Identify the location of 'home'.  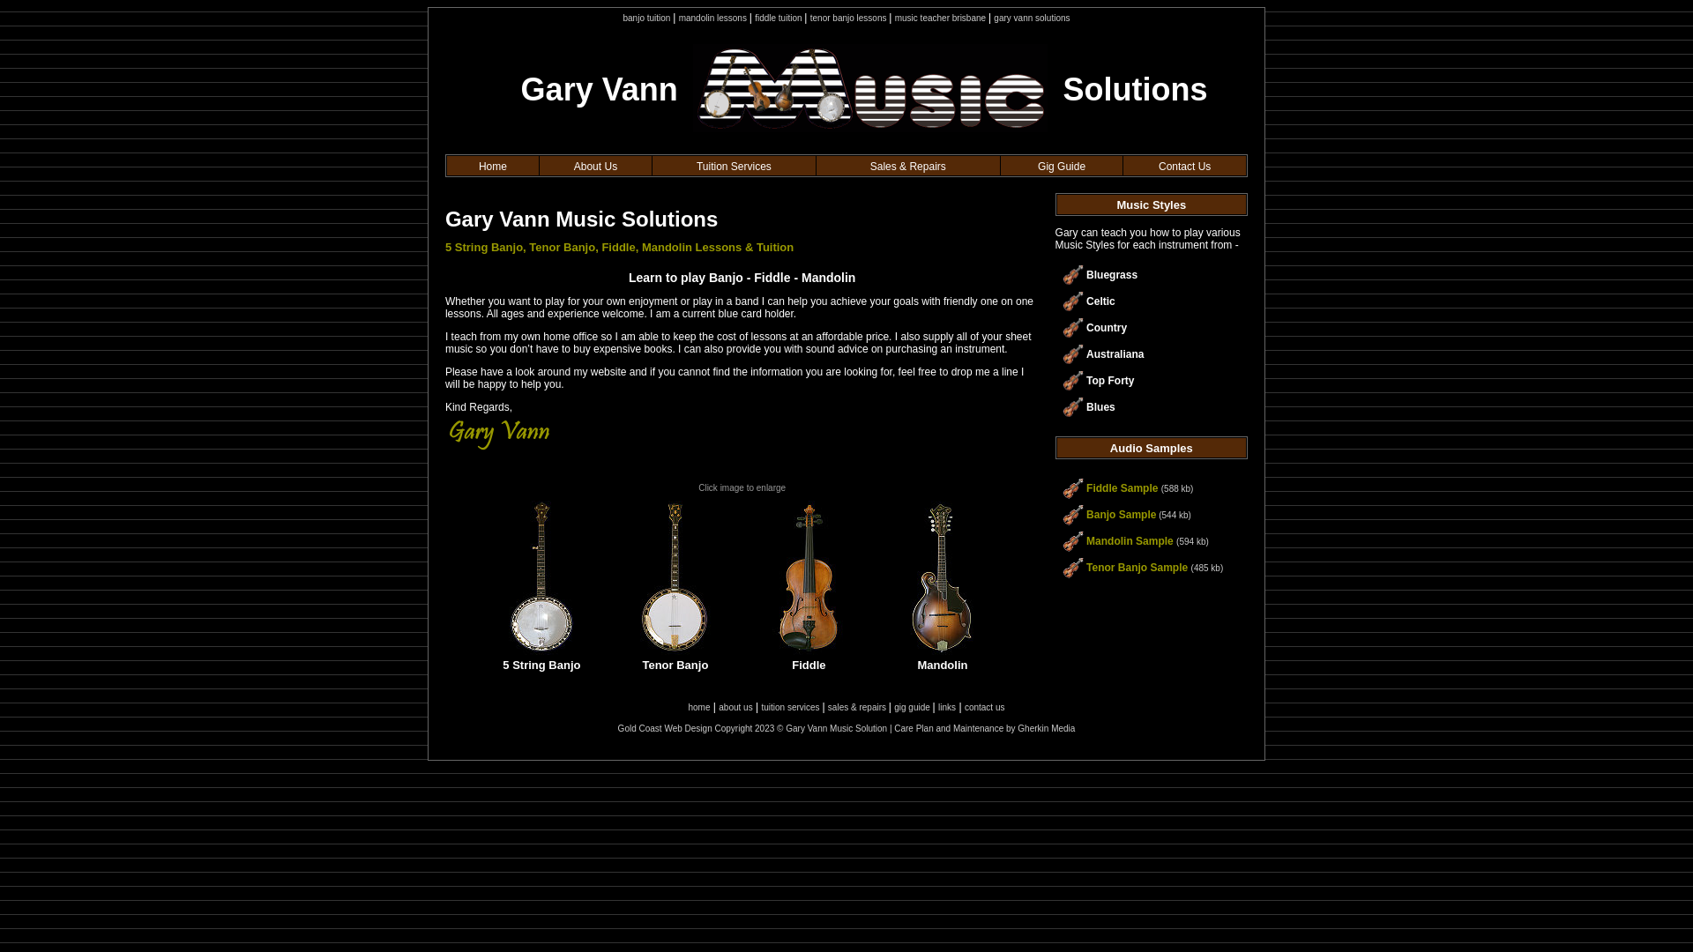
(686, 706).